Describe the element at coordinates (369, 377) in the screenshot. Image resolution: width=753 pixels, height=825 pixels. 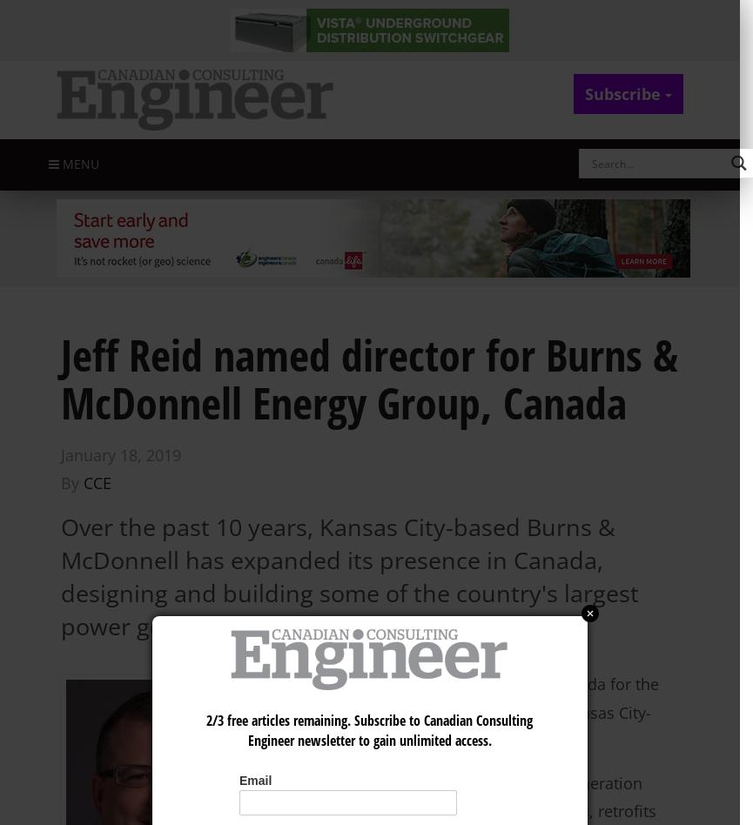
I see `'Jeff Reid named director for Burns & McDonnell Energy Group, Canada'` at that location.